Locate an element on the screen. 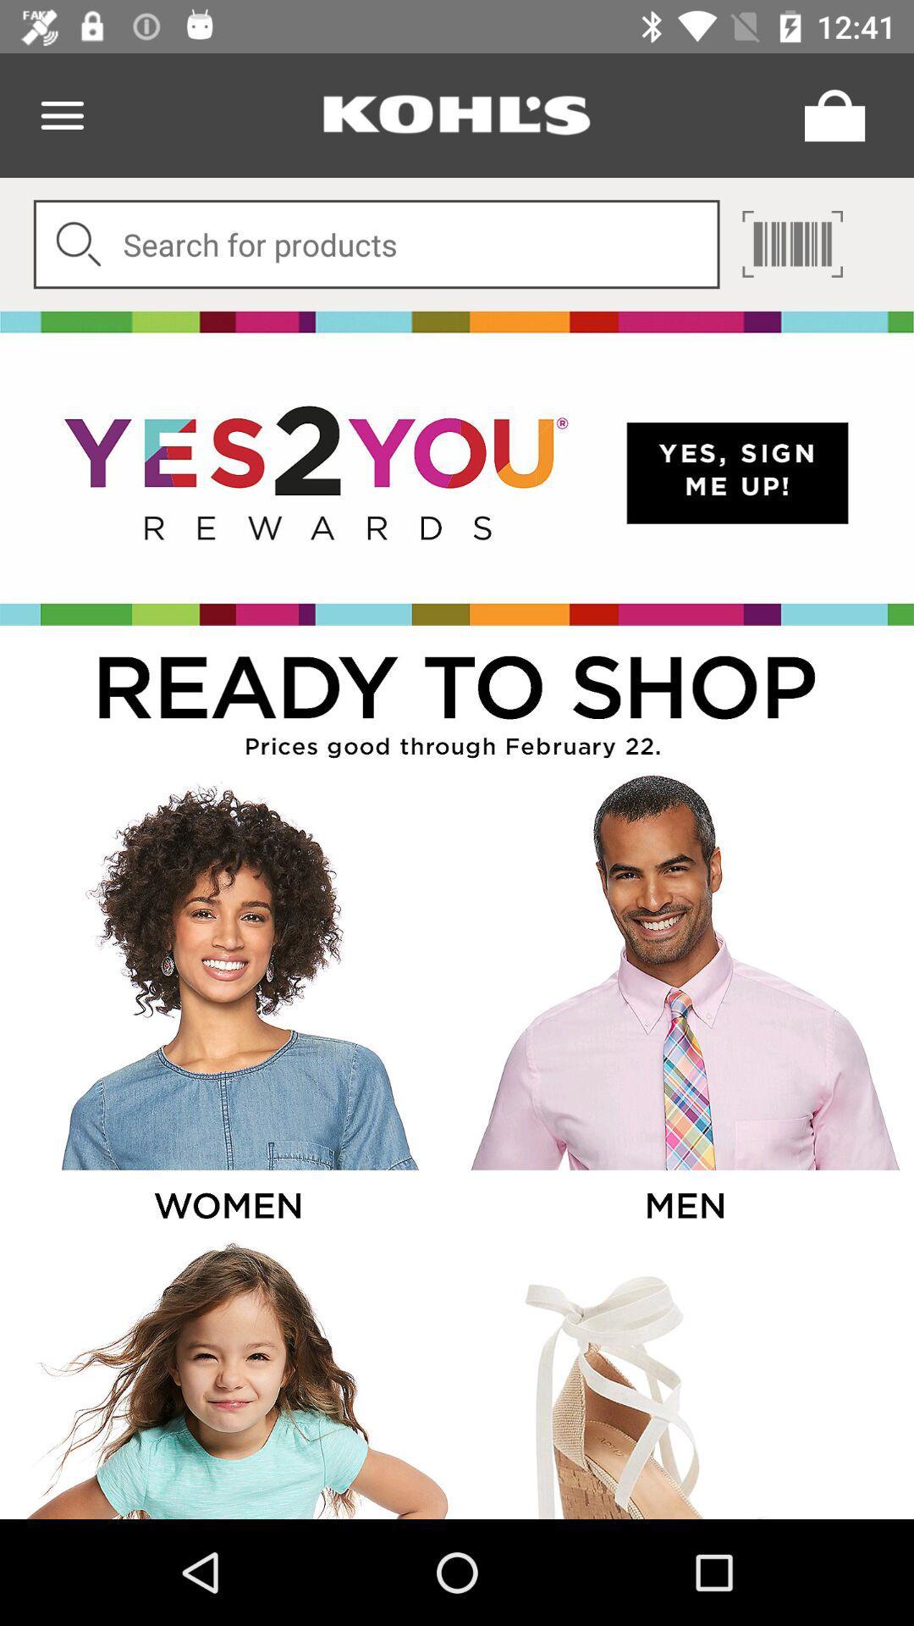 The height and width of the screenshot is (1626, 914). search tool is located at coordinates (376, 243).